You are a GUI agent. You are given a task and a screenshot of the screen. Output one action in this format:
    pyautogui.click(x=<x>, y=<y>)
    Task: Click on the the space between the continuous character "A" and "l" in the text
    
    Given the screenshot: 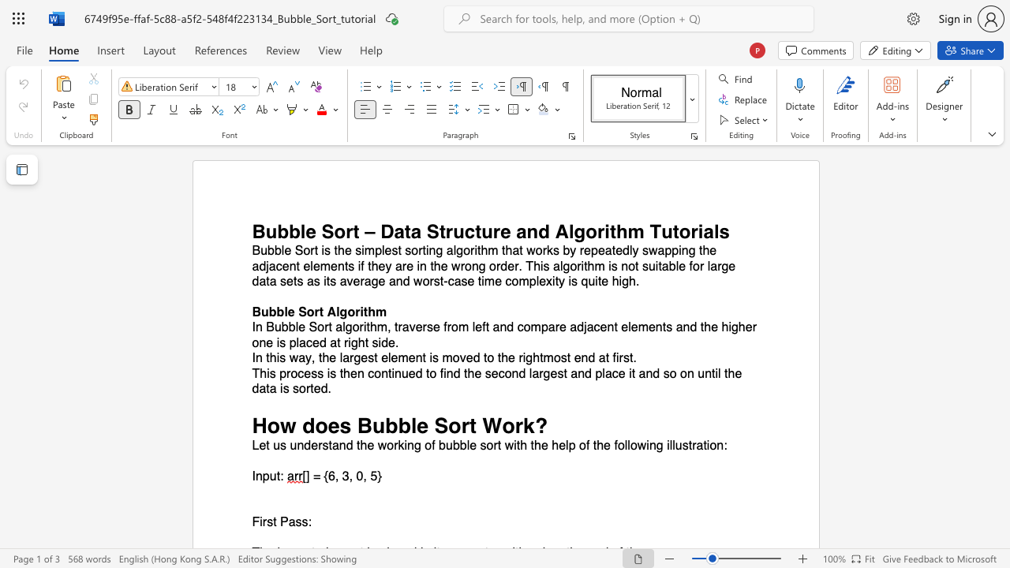 What is the action you would take?
    pyautogui.click(x=334, y=312)
    